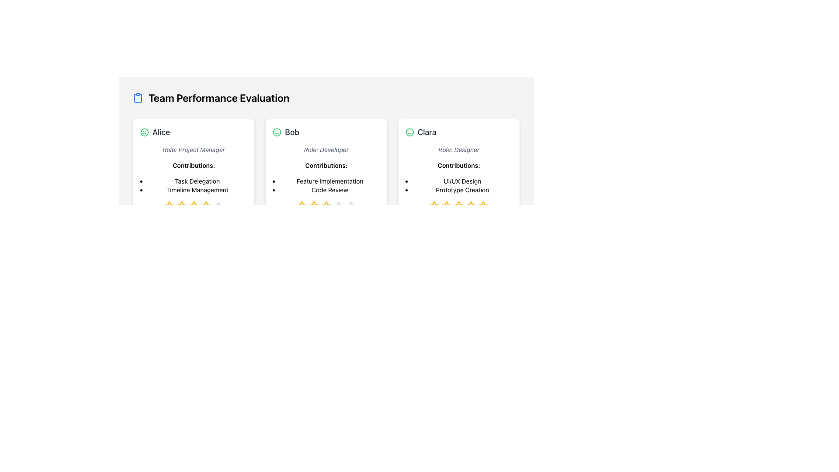 Image resolution: width=839 pixels, height=472 pixels. I want to click on the circular icon with a green outline and a smiley face design, located left of the name 'Bob' in the second card from the left, so click(277, 132).